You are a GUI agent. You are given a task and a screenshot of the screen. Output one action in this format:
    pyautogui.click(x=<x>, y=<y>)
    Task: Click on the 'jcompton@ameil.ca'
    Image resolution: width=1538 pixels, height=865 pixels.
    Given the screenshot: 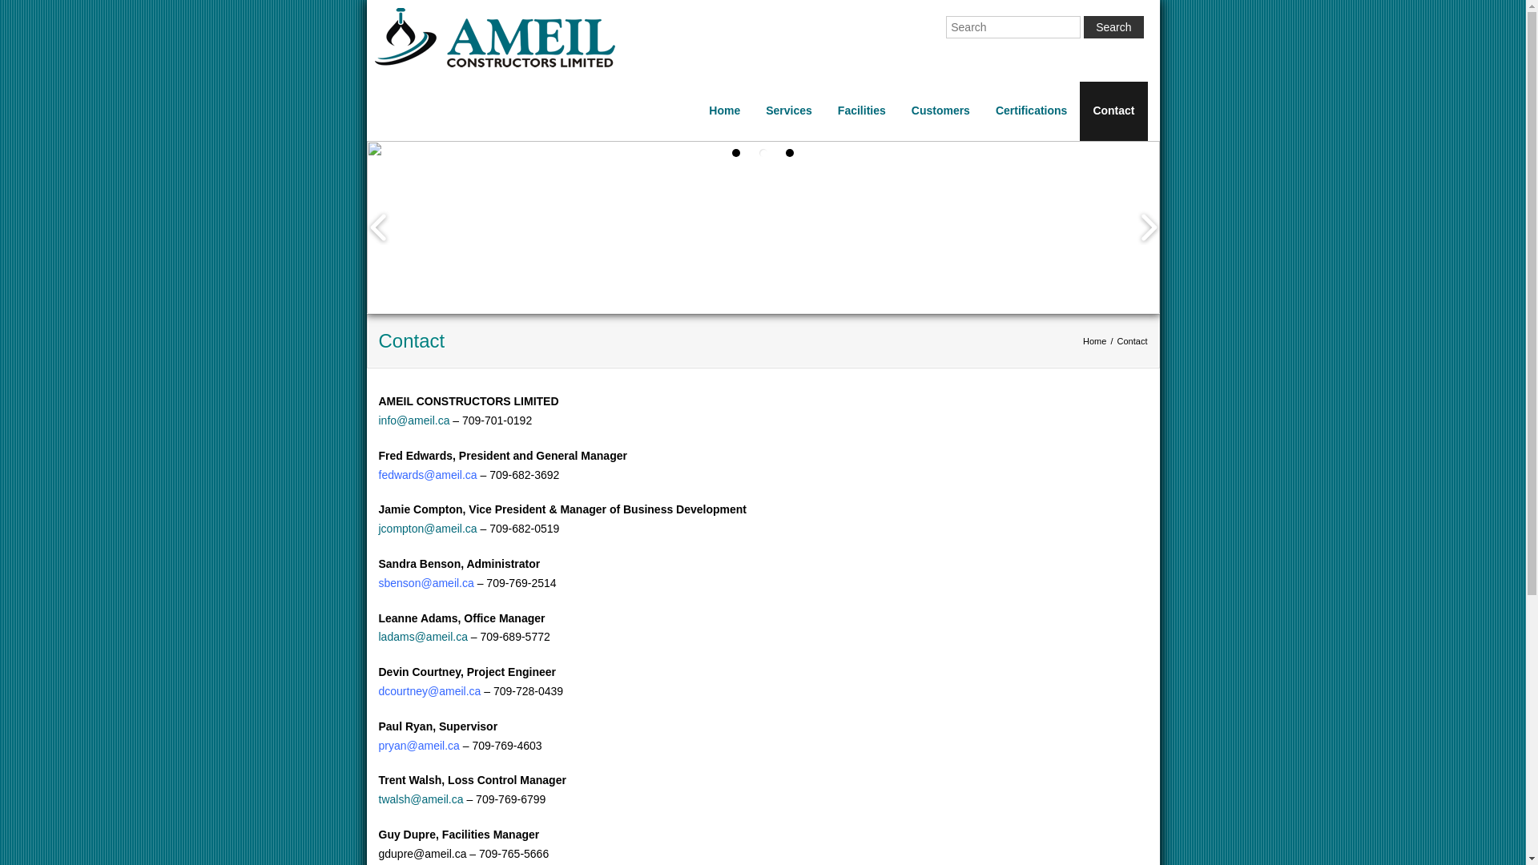 What is the action you would take?
    pyautogui.click(x=427, y=528)
    